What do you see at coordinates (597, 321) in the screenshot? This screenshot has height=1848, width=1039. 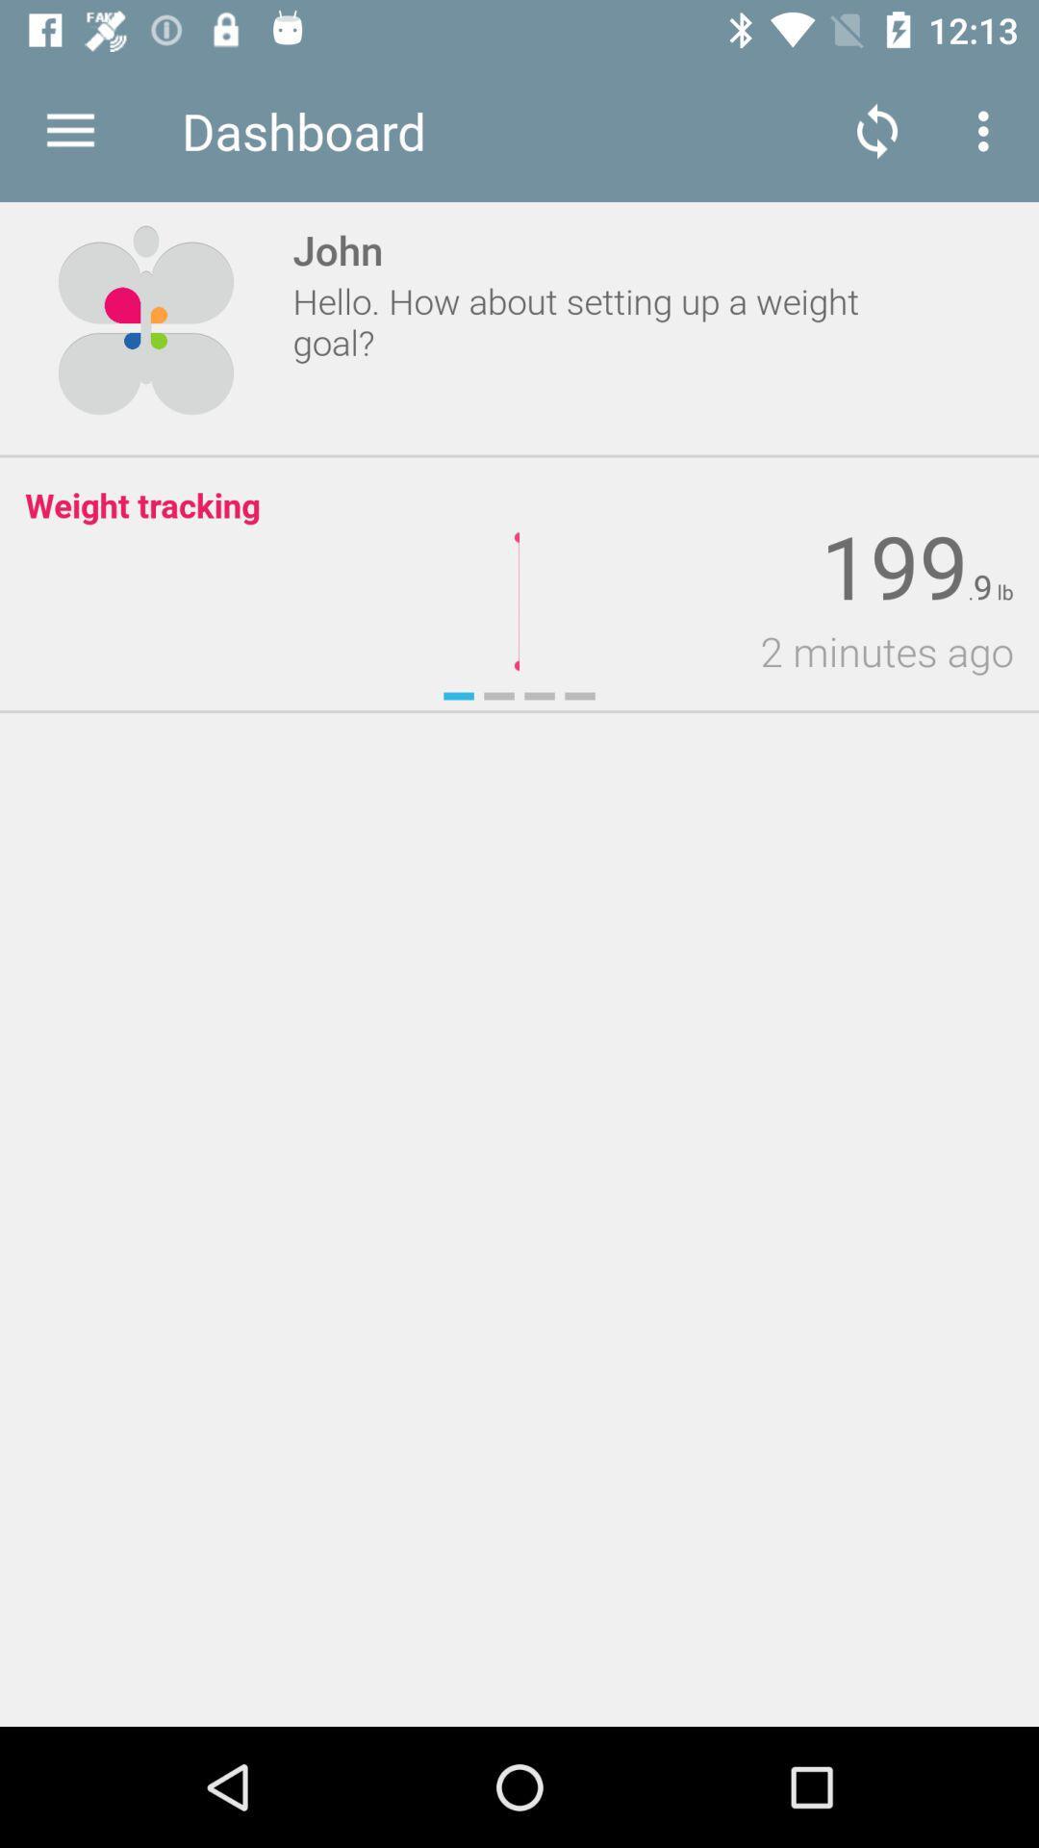 I see `hello how about item` at bounding box center [597, 321].